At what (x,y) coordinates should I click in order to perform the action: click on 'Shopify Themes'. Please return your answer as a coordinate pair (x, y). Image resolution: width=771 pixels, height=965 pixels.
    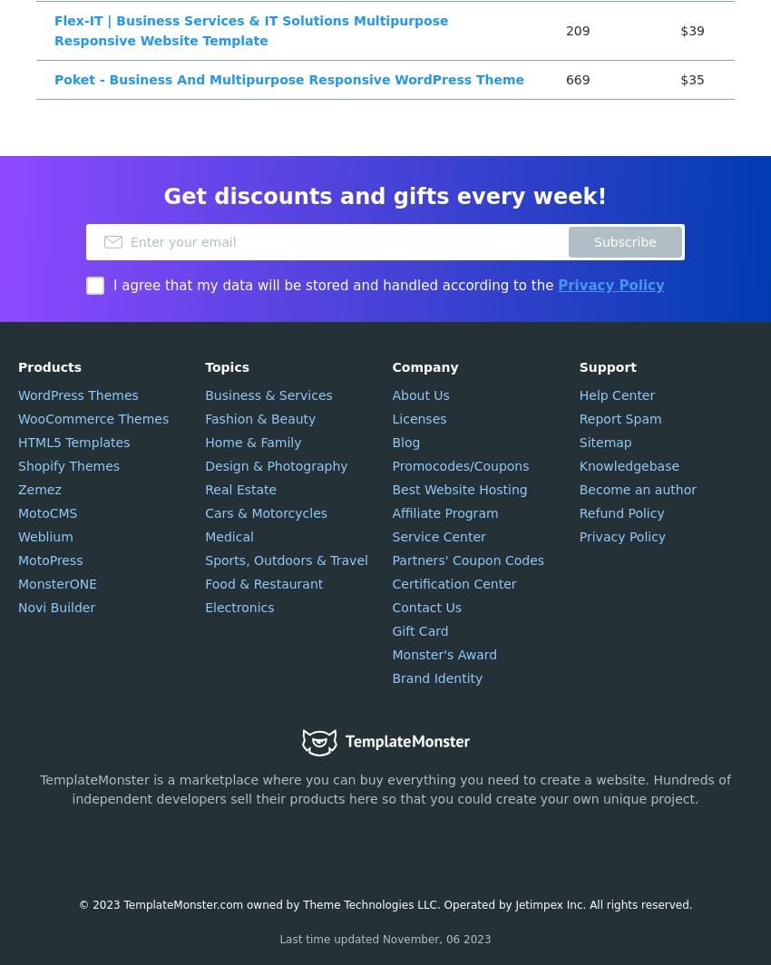
    Looking at the image, I should click on (68, 466).